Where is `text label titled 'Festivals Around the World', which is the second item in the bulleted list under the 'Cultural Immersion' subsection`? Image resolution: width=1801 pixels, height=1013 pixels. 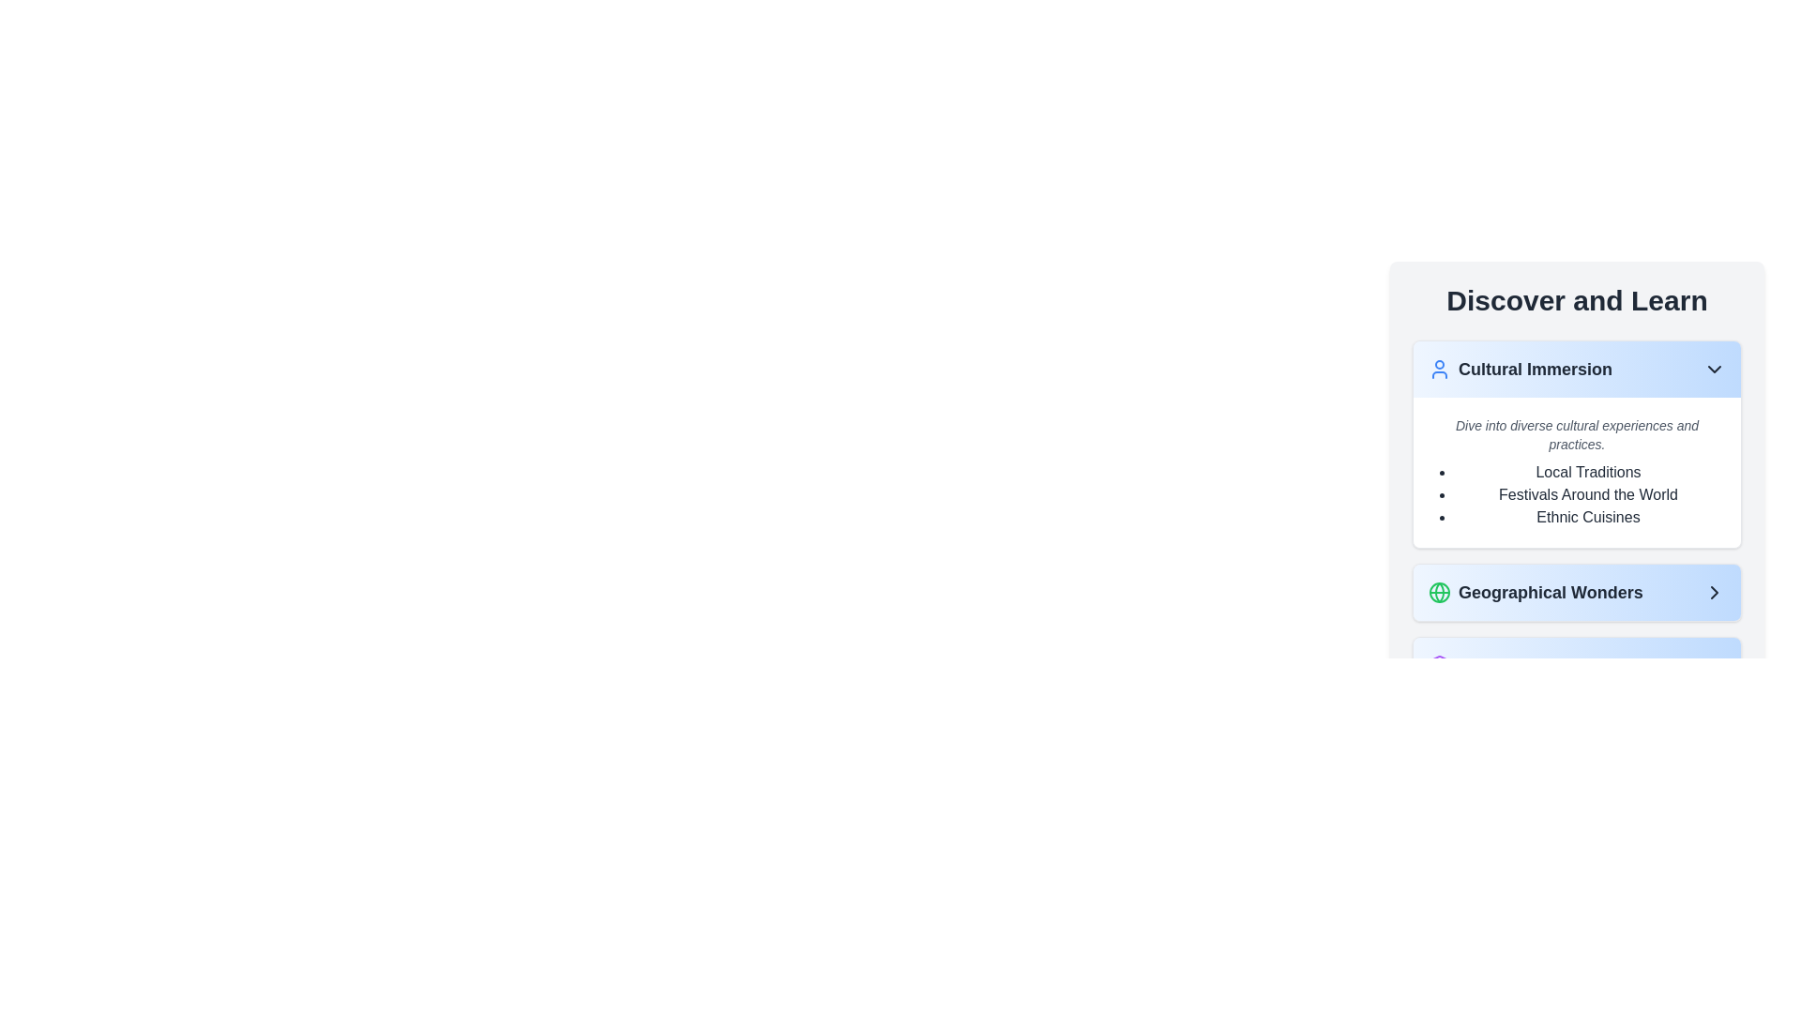
text label titled 'Festivals Around the World', which is the second item in the bulleted list under the 'Cultural Immersion' subsection is located at coordinates (1587, 494).